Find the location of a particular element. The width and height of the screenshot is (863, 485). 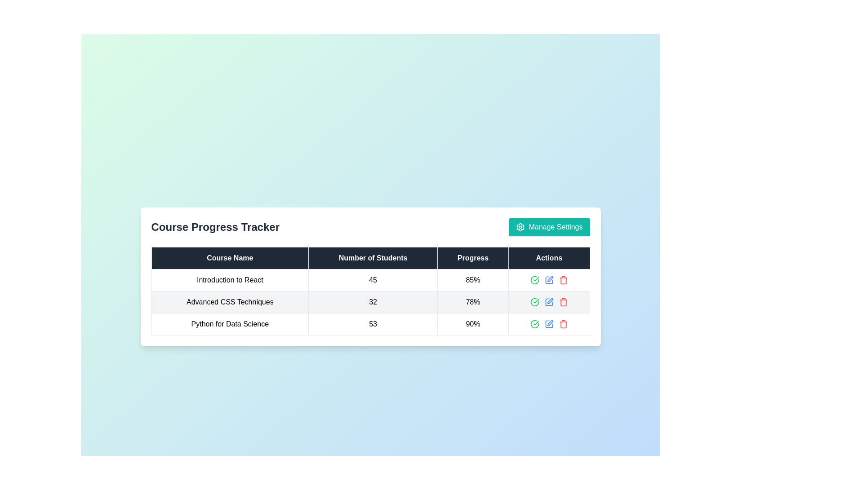

the blue outline icon resembling a pencil in the middle of the 'Actions' column of the third row of the table is located at coordinates (548, 279).